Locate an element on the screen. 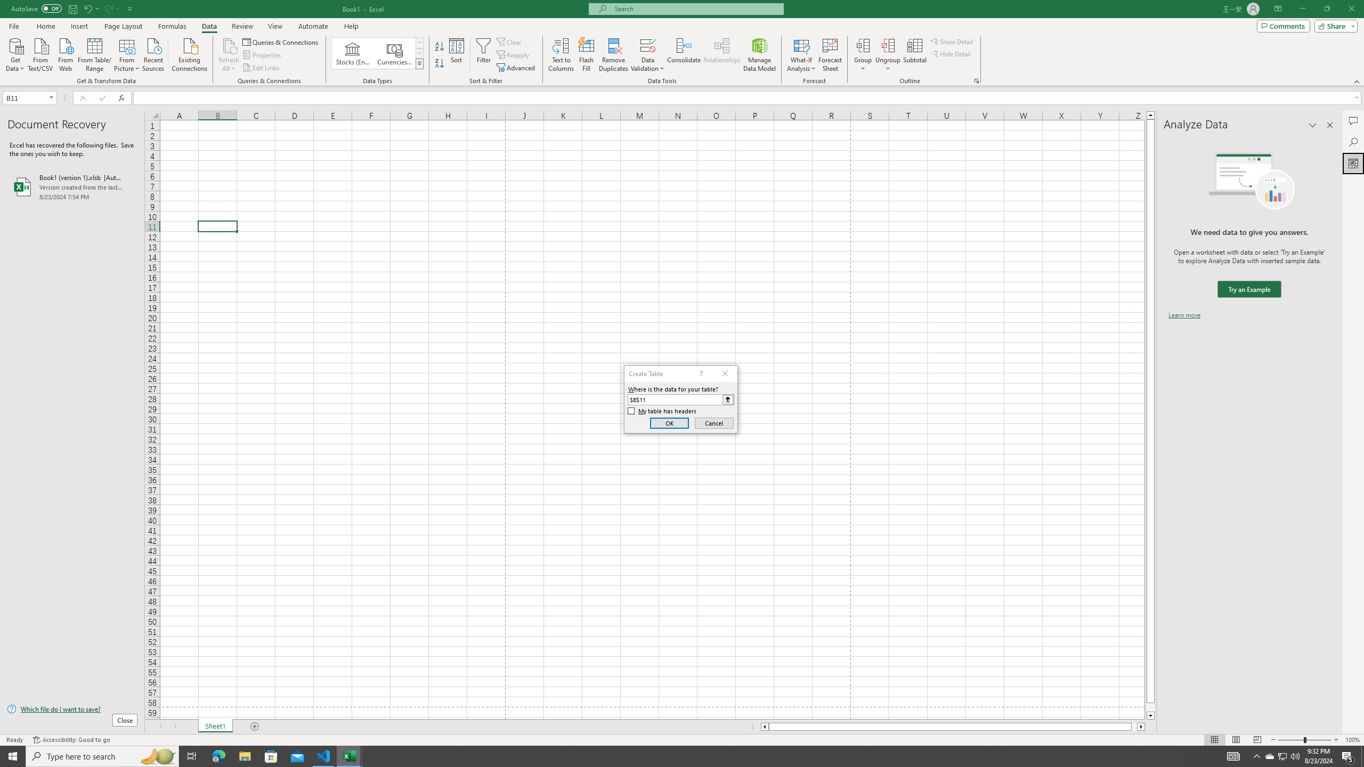 Image resolution: width=1364 pixels, height=767 pixels. 'AutoSave' is located at coordinates (37, 8).